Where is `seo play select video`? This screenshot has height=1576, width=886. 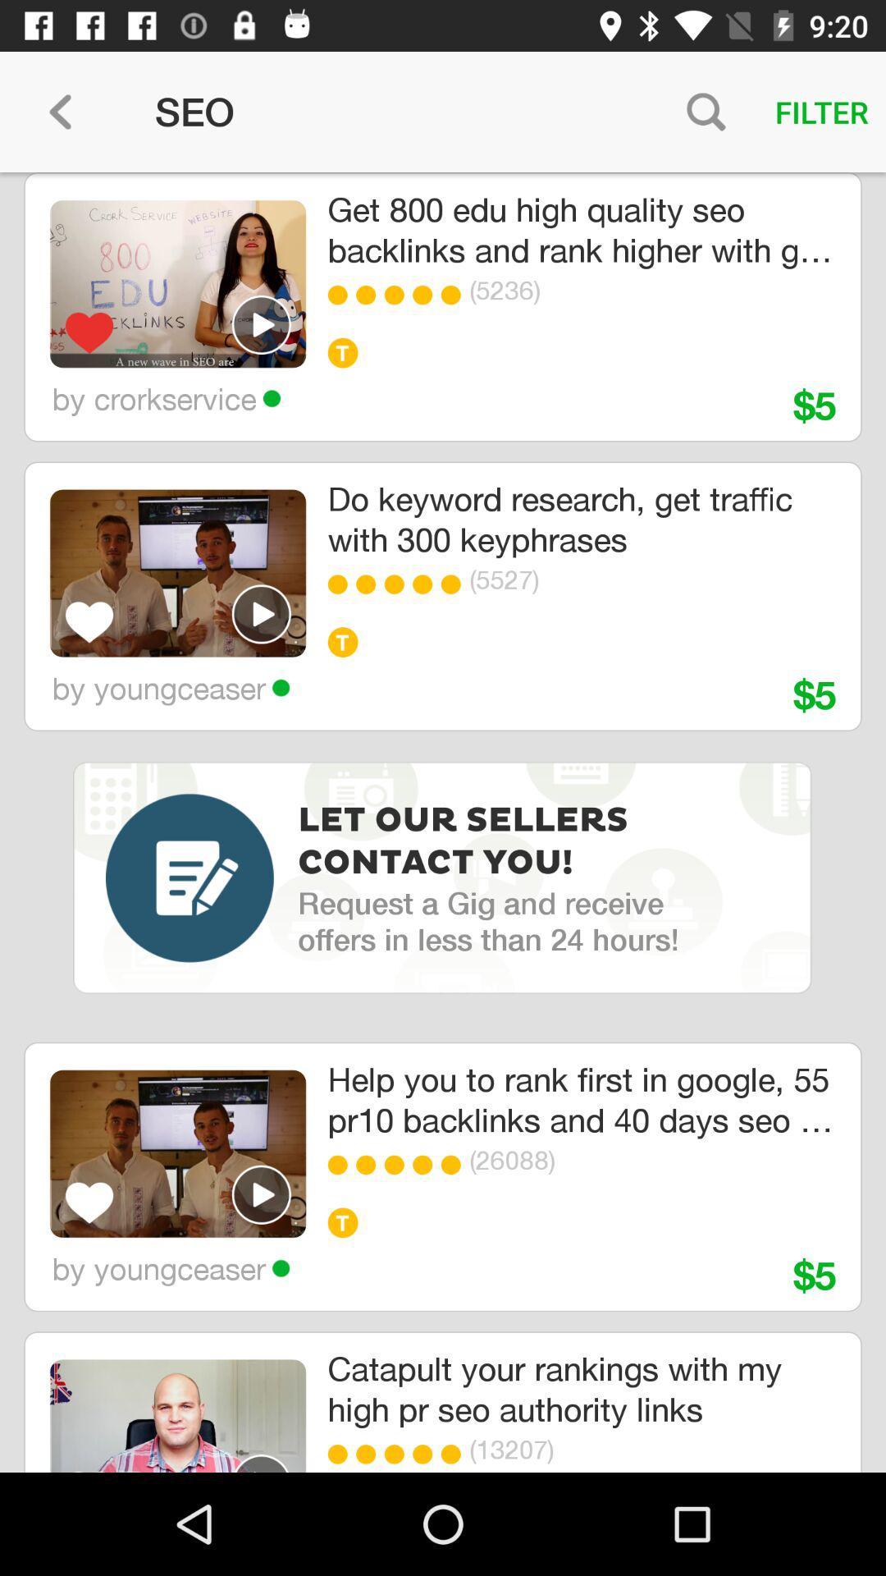 seo play select video is located at coordinates (261, 1193).